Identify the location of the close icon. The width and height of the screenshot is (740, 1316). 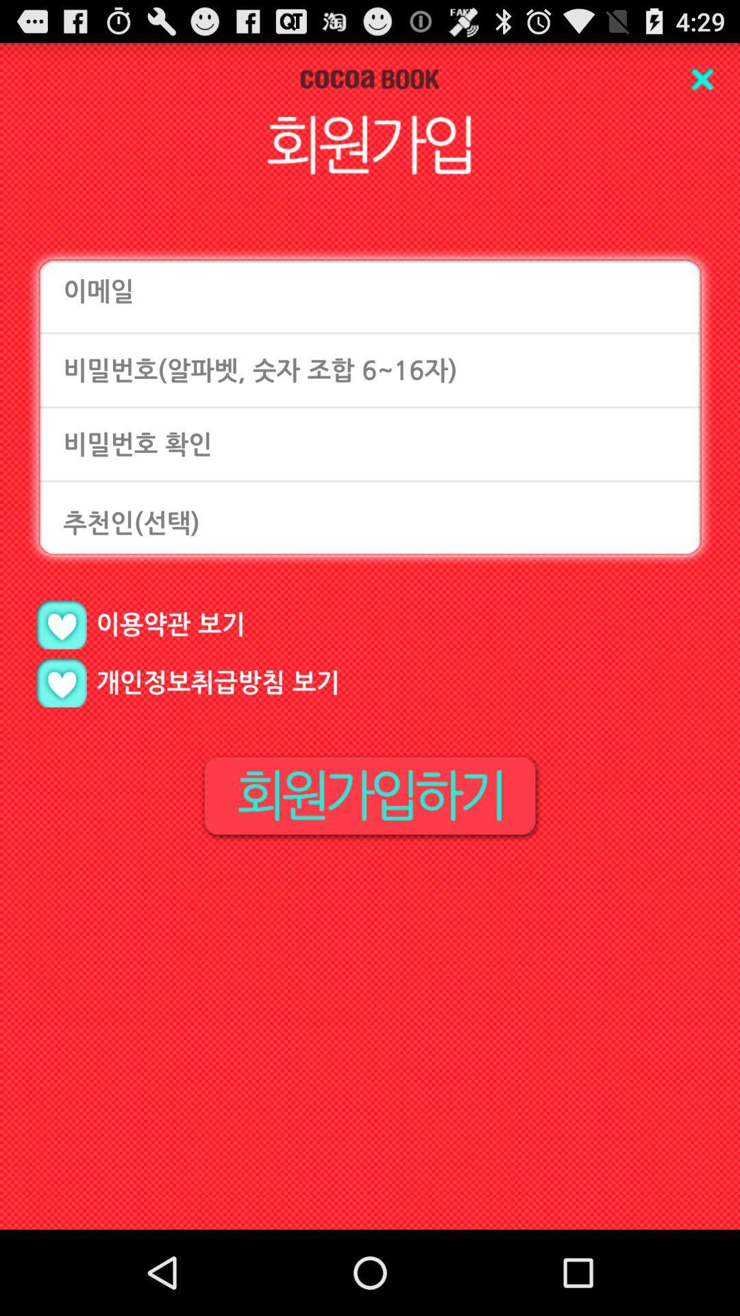
(702, 84).